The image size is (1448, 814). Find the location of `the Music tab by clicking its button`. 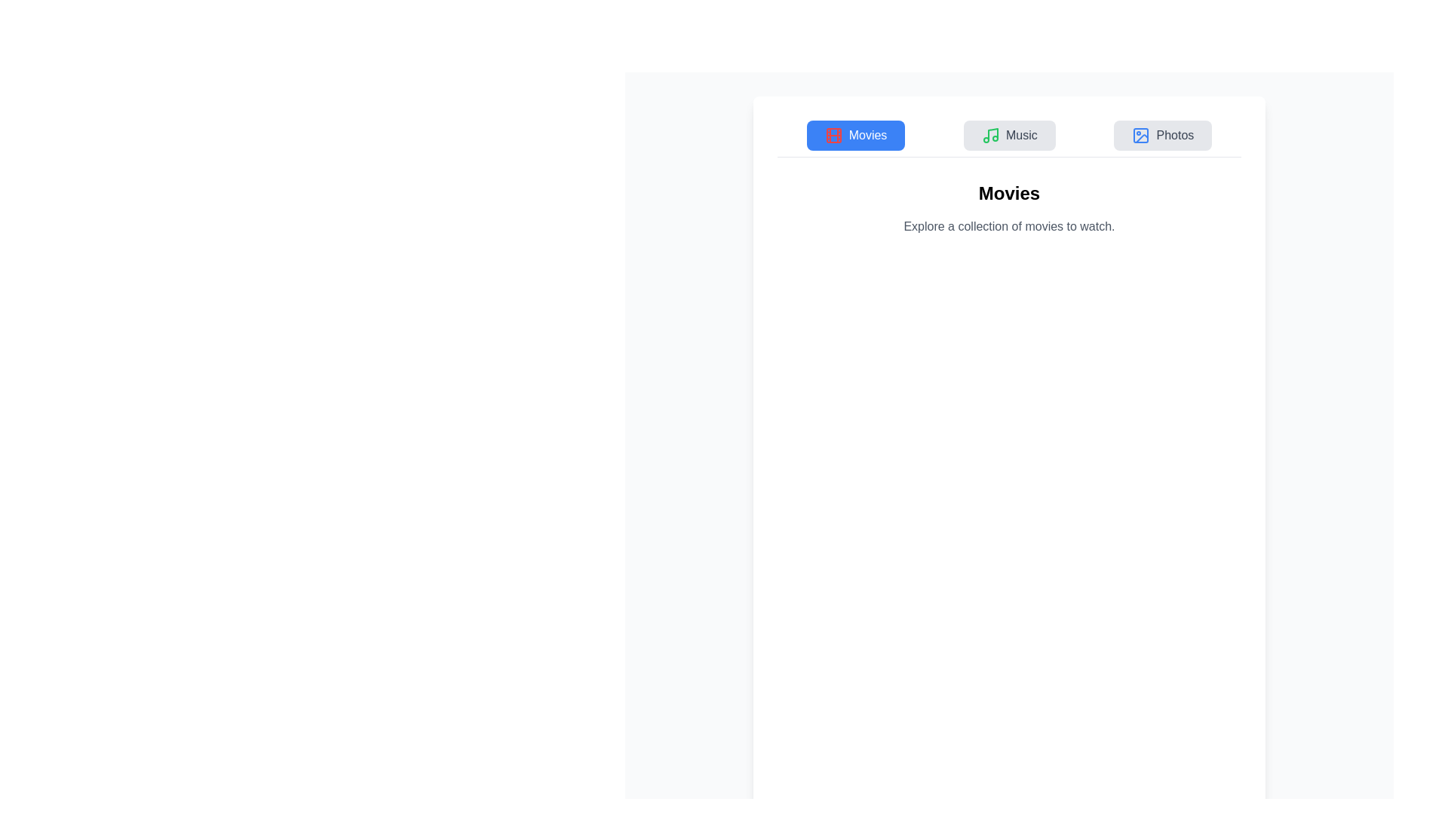

the Music tab by clicking its button is located at coordinates (1009, 136).